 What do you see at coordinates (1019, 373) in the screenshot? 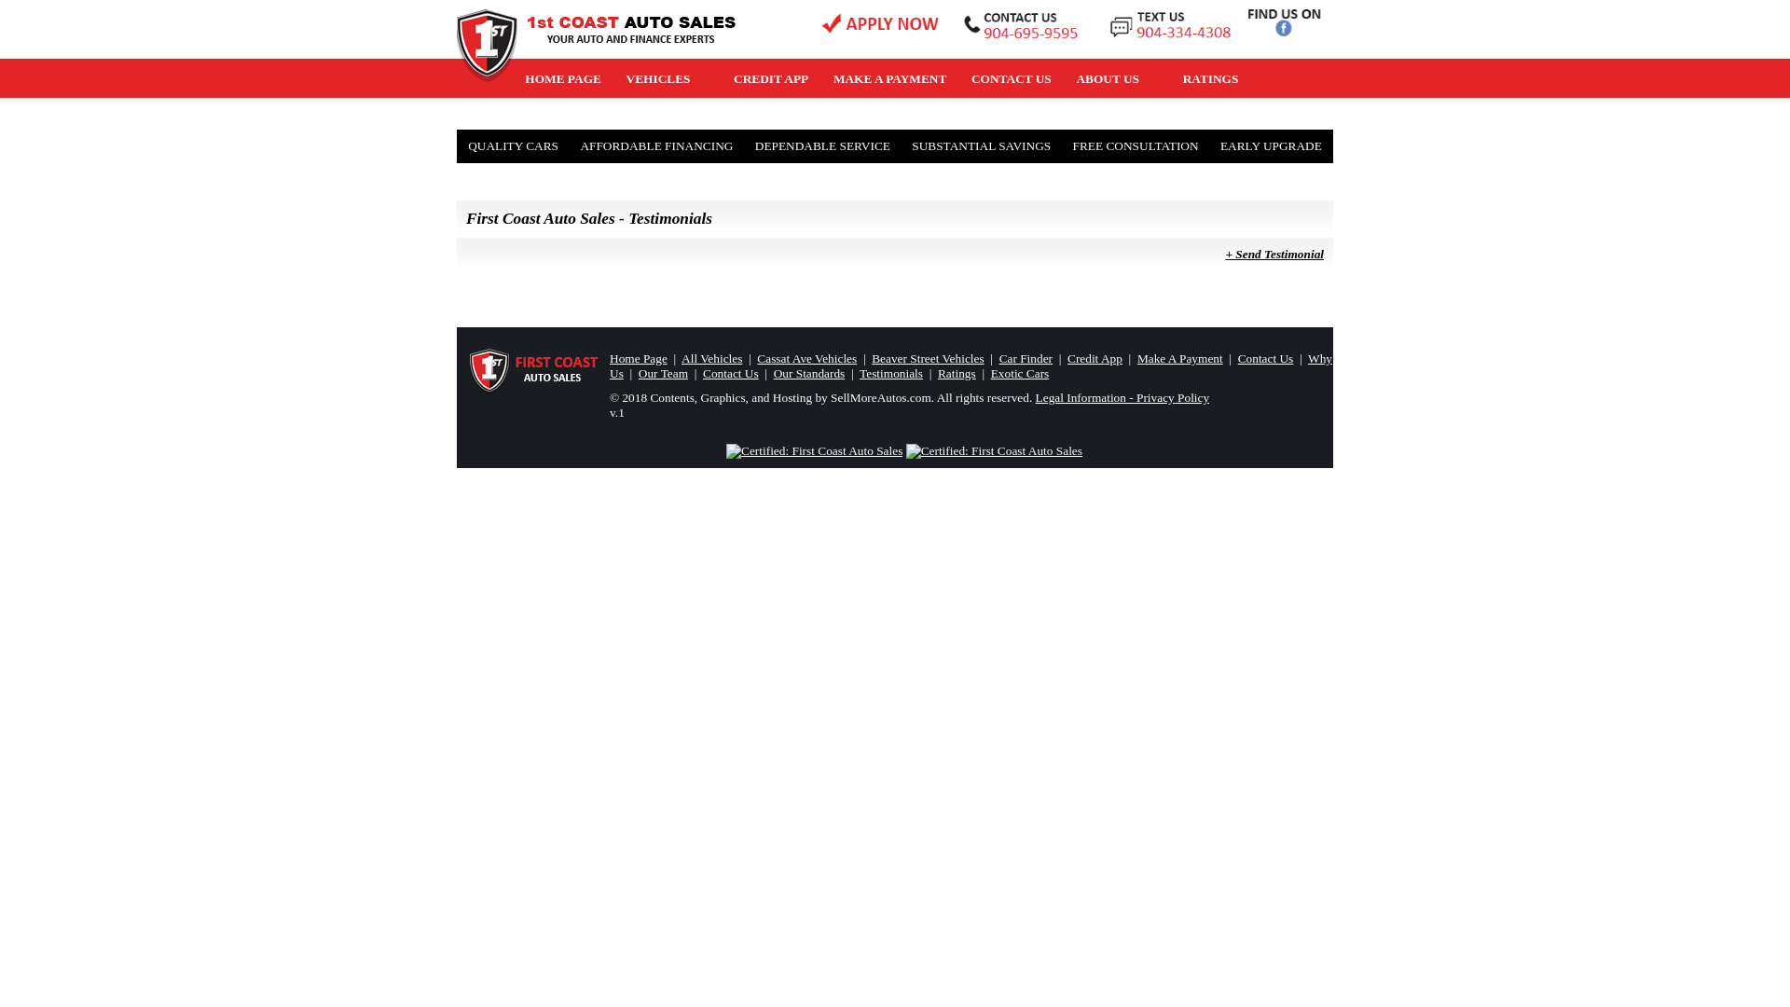
I see `'Exotic Cars'` at bounding box center [1019, 373].